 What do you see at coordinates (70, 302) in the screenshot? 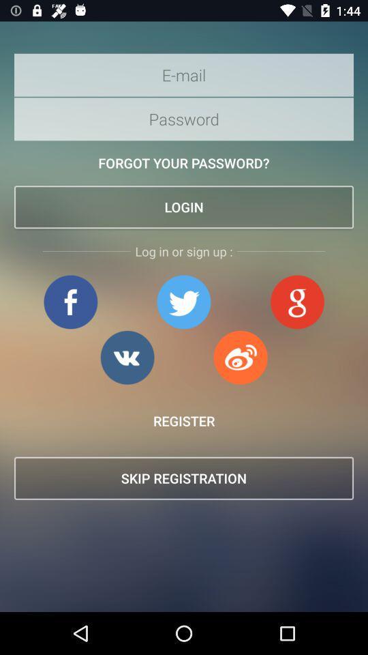
I see `login/sign up whit facebook` at bounding box center [70, 302].